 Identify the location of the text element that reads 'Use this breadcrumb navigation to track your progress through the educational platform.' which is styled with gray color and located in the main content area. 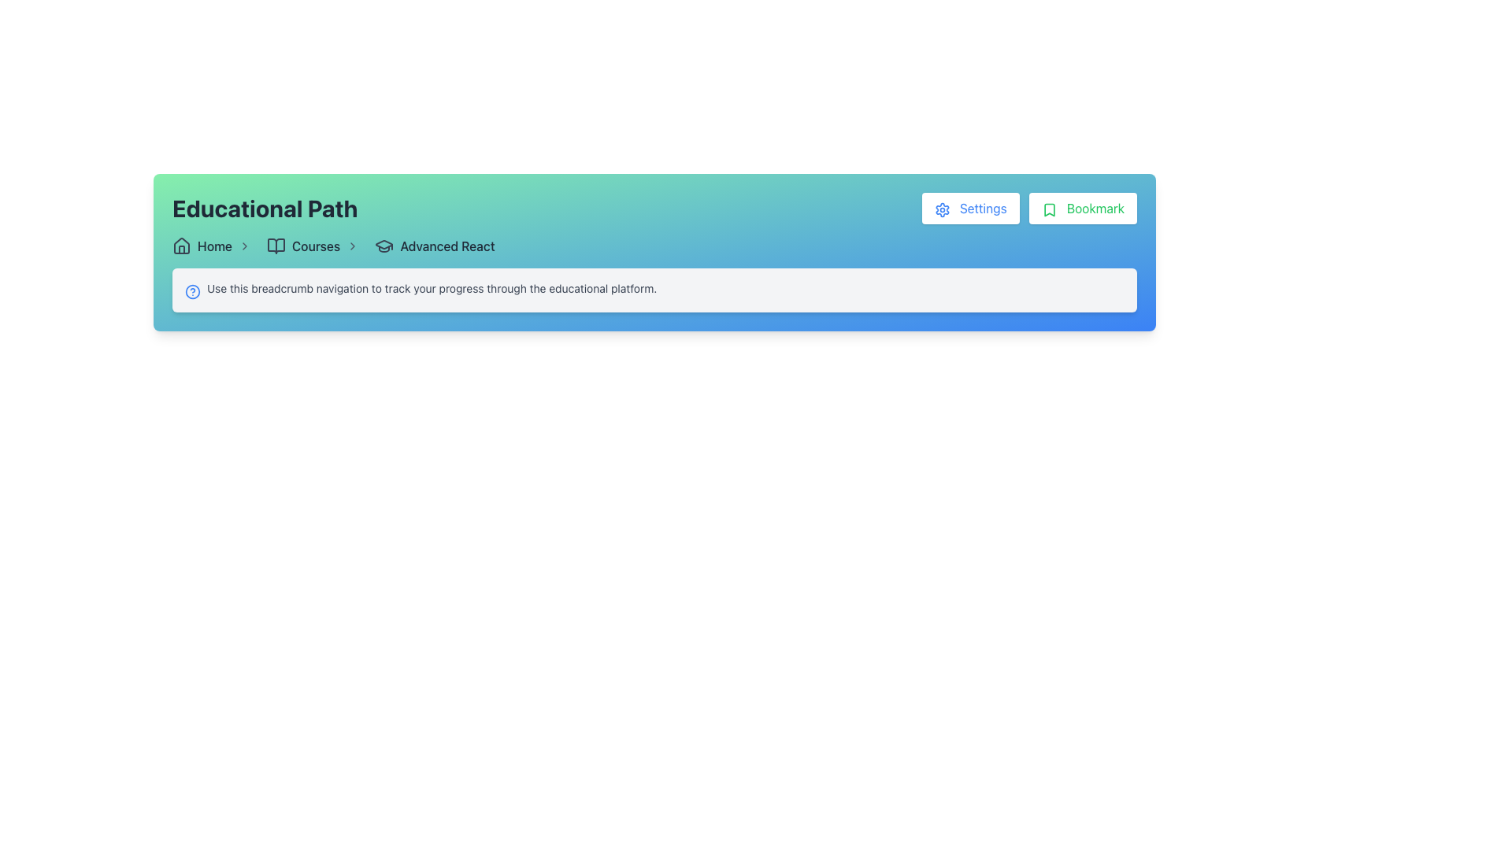
(432, 288).